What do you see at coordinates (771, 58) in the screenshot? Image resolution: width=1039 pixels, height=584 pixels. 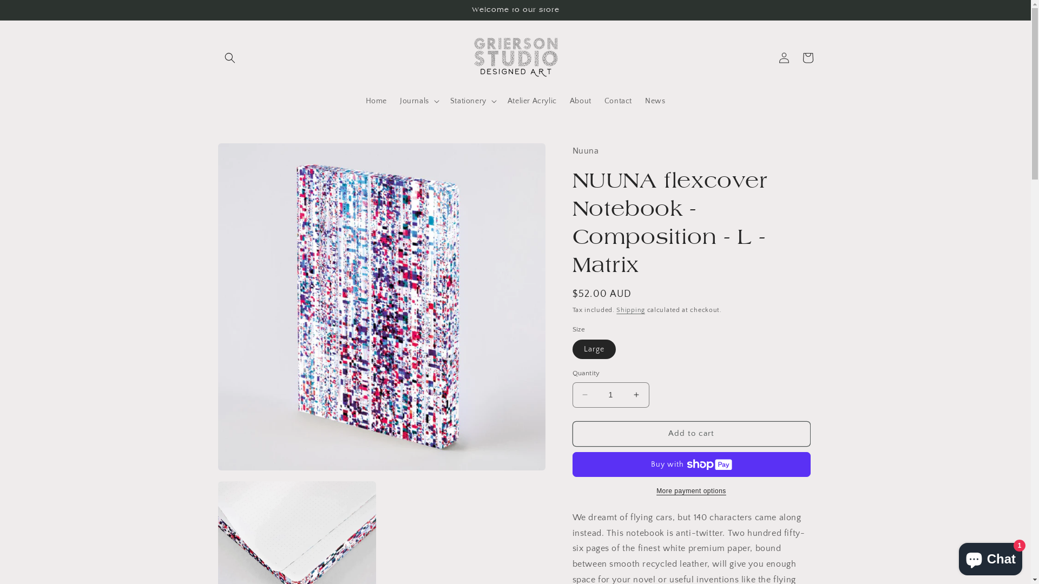 I see `'Log in'` at bounding box center [771, 58].